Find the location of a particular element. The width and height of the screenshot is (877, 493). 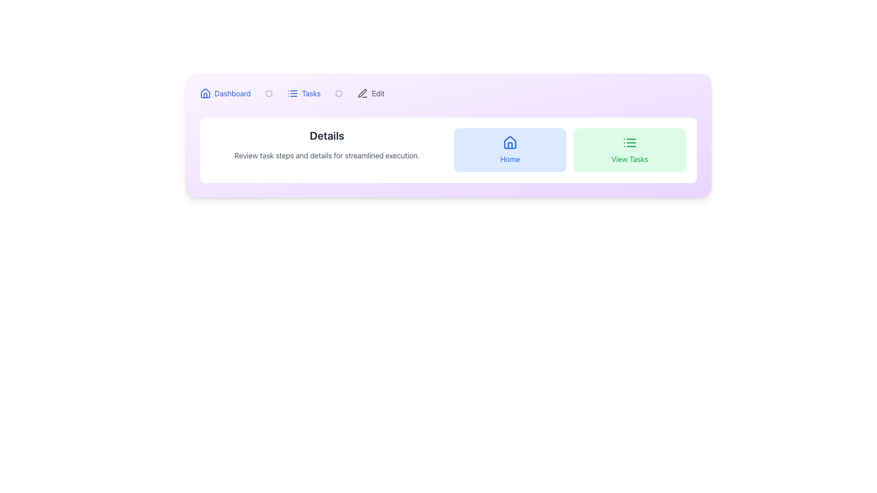

the small circular icon with a gray outer rim located in the navigation bar between the 'Tasks' and 'Edit' labels is located at coordinates (338, 93).